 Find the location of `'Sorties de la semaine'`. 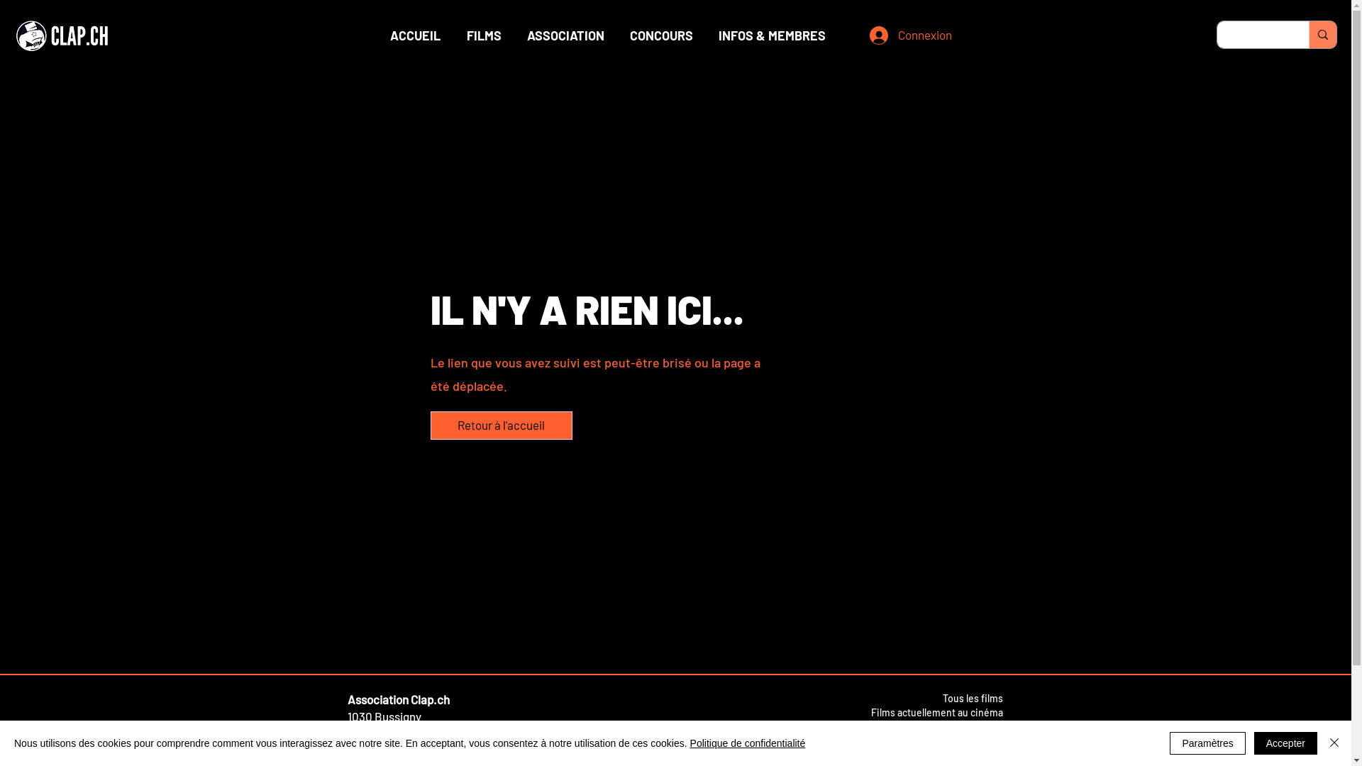

'Sorties de la semaine' is located at coordinates (908, 726).